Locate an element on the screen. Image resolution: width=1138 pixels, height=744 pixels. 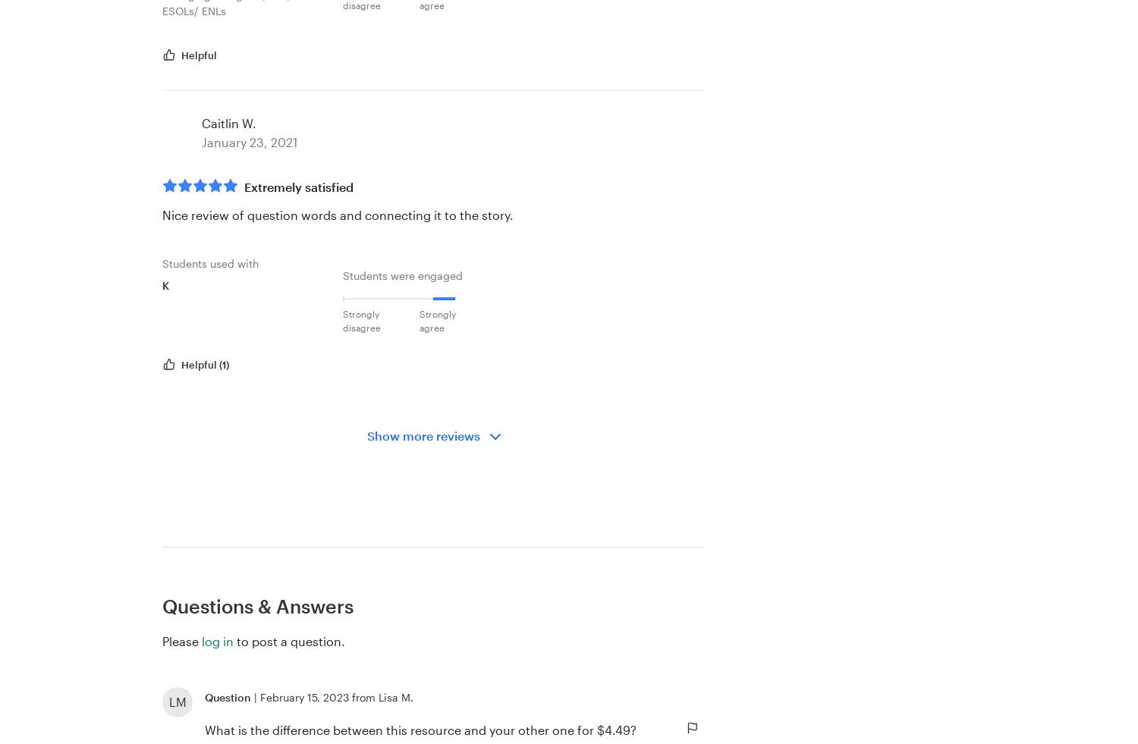
'Lisa M.' is located at coordinates (396, 697).